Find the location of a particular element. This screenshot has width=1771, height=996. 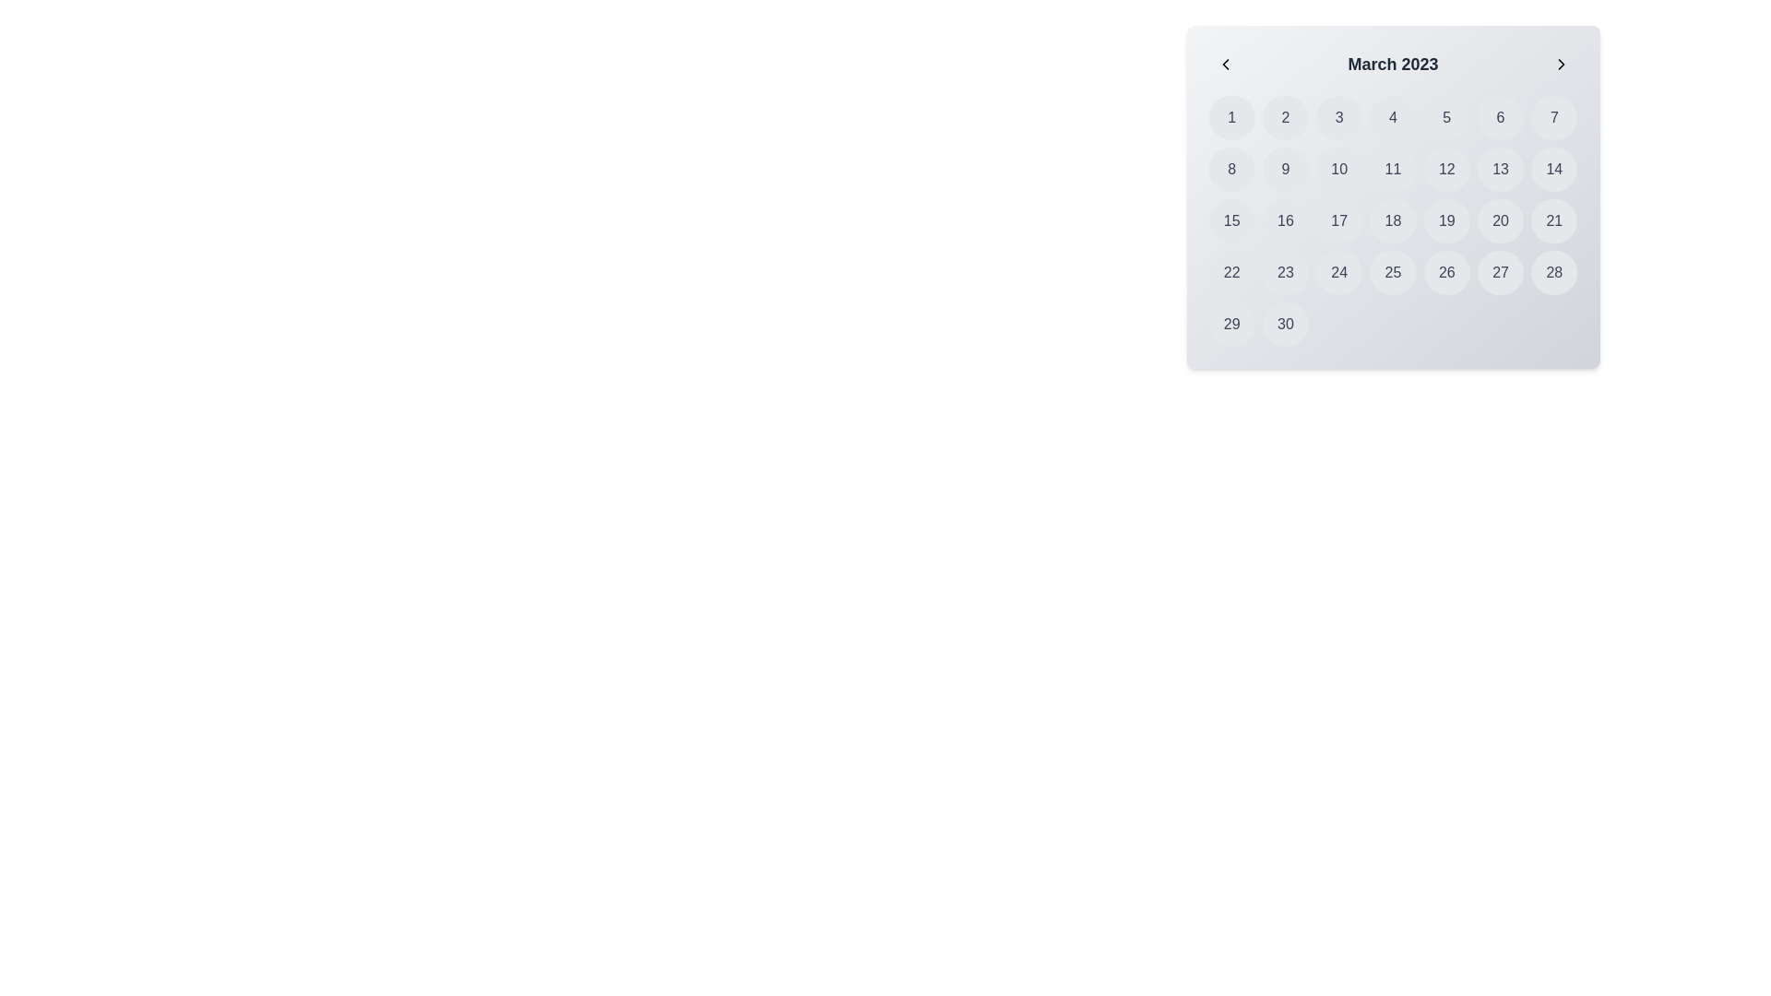

the circular button displaying the number '13' with a light gray background, located in the second row and sixth column of a grid under the title 'March 2023' is located at coordinates (1501, 170).